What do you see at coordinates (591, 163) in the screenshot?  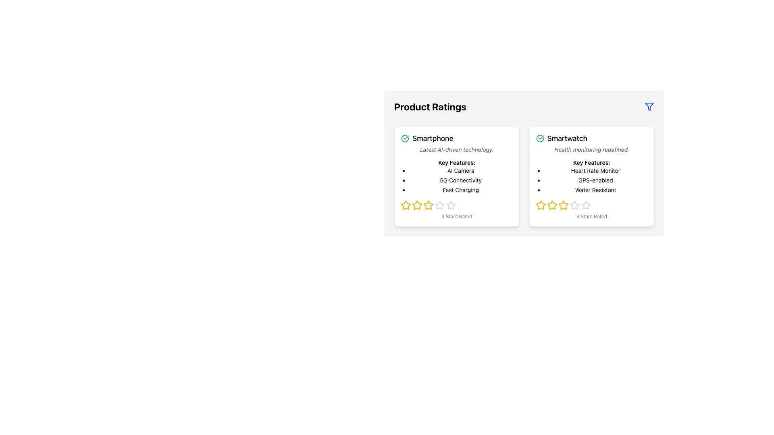 I see `the Text Label that introduces the key product features of the Smartwatch, located between the subtitle 'Health monitoring redefined.' and the bullet list of features` at bounding box center [591, 163].